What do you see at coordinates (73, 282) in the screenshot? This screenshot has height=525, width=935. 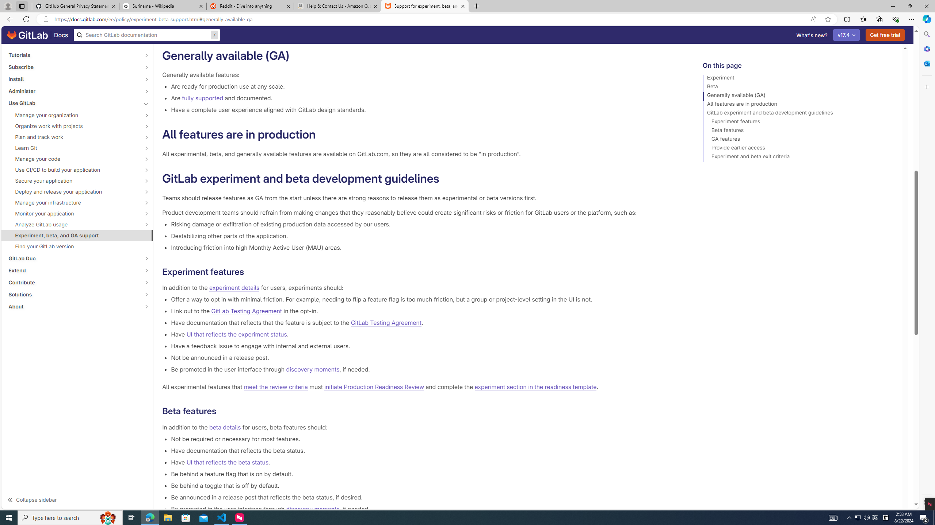 I see `'Contribute'` at bounding box center [73, 282].